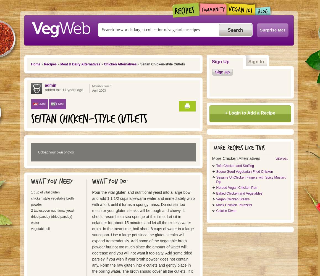  What do you see at coordinates (56, 152) in the screenshot?
I see `'Upload your own photos'` at bounding box center [56, 152].